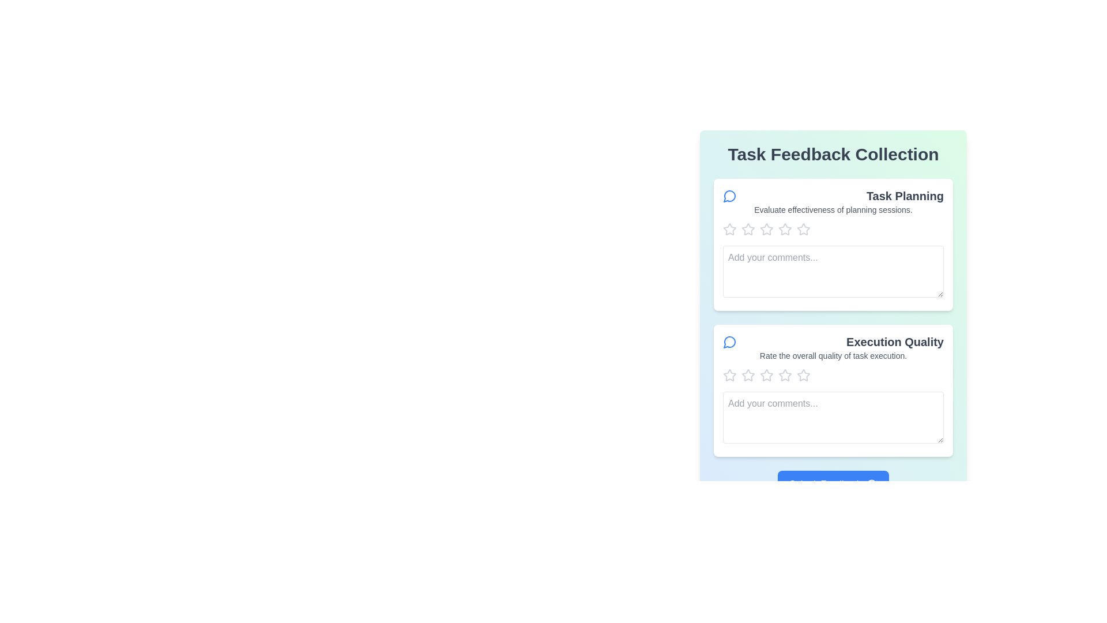  I want to click on the second star icon in the 'Task Planning' section, so click(766, 229).